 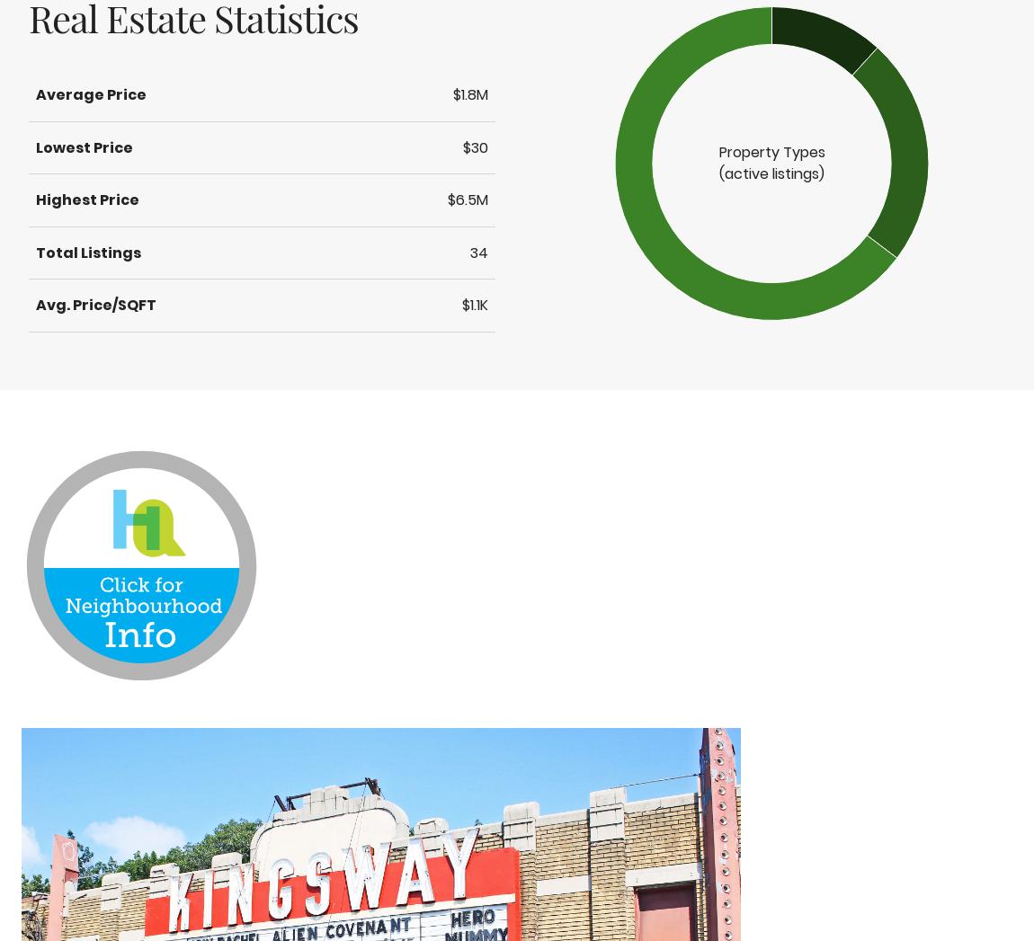 I want to click on 'Average Price', so click(x=90, y=93).